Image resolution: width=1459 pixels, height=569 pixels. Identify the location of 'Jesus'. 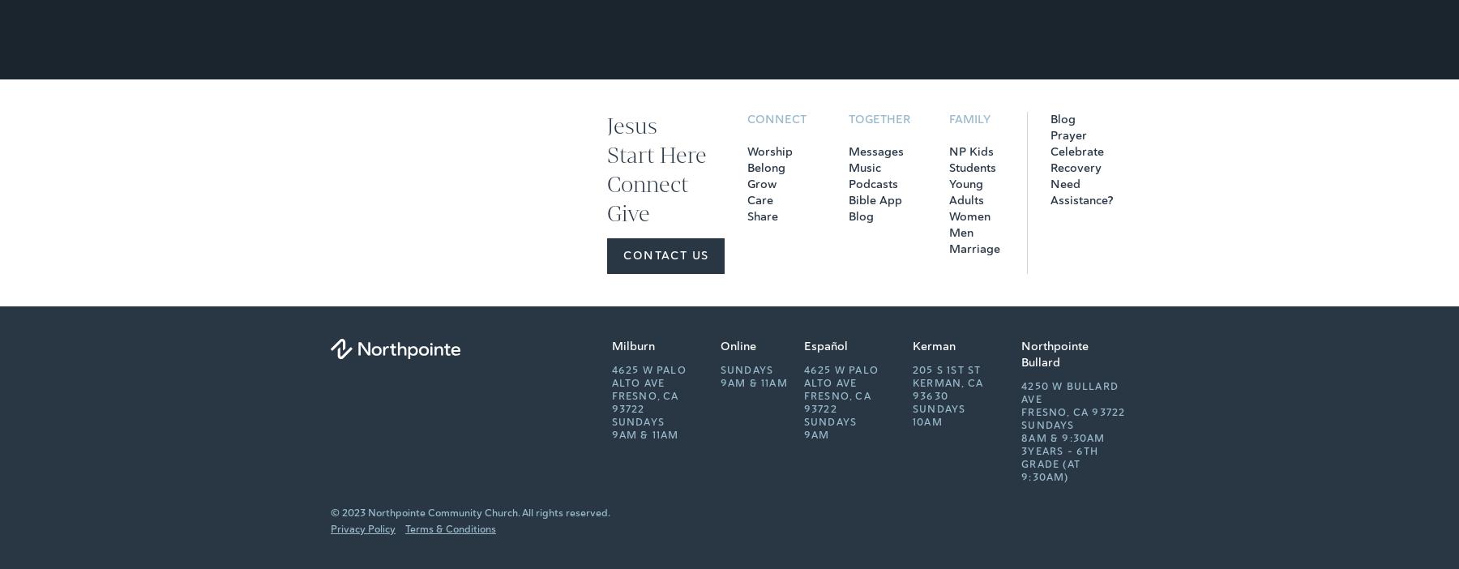
(631, 125).